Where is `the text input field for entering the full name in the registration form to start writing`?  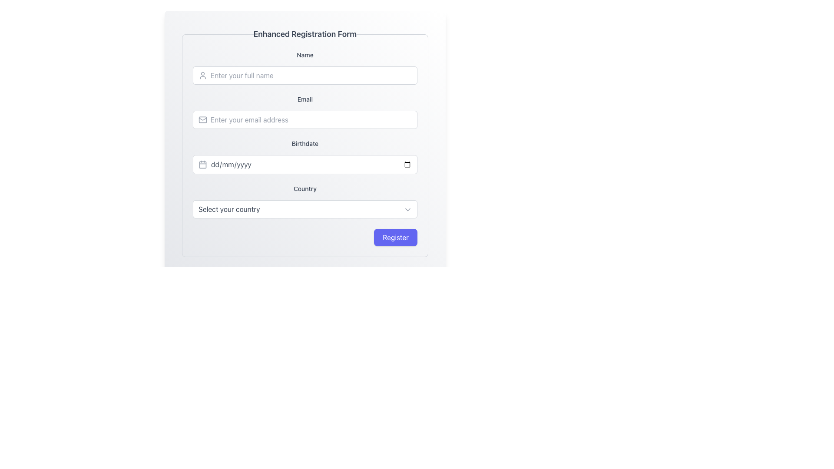
the text input field for entering the full name in the registration form to start writing is located at coordinates (305, 67).